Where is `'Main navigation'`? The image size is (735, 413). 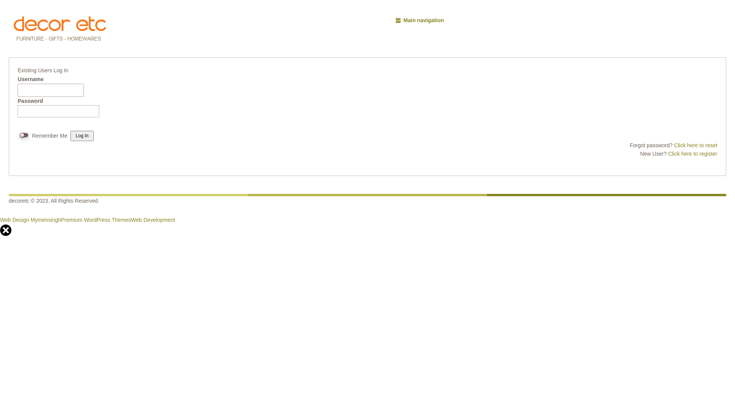
'Main navigation' is located at coordinates (419, 20).